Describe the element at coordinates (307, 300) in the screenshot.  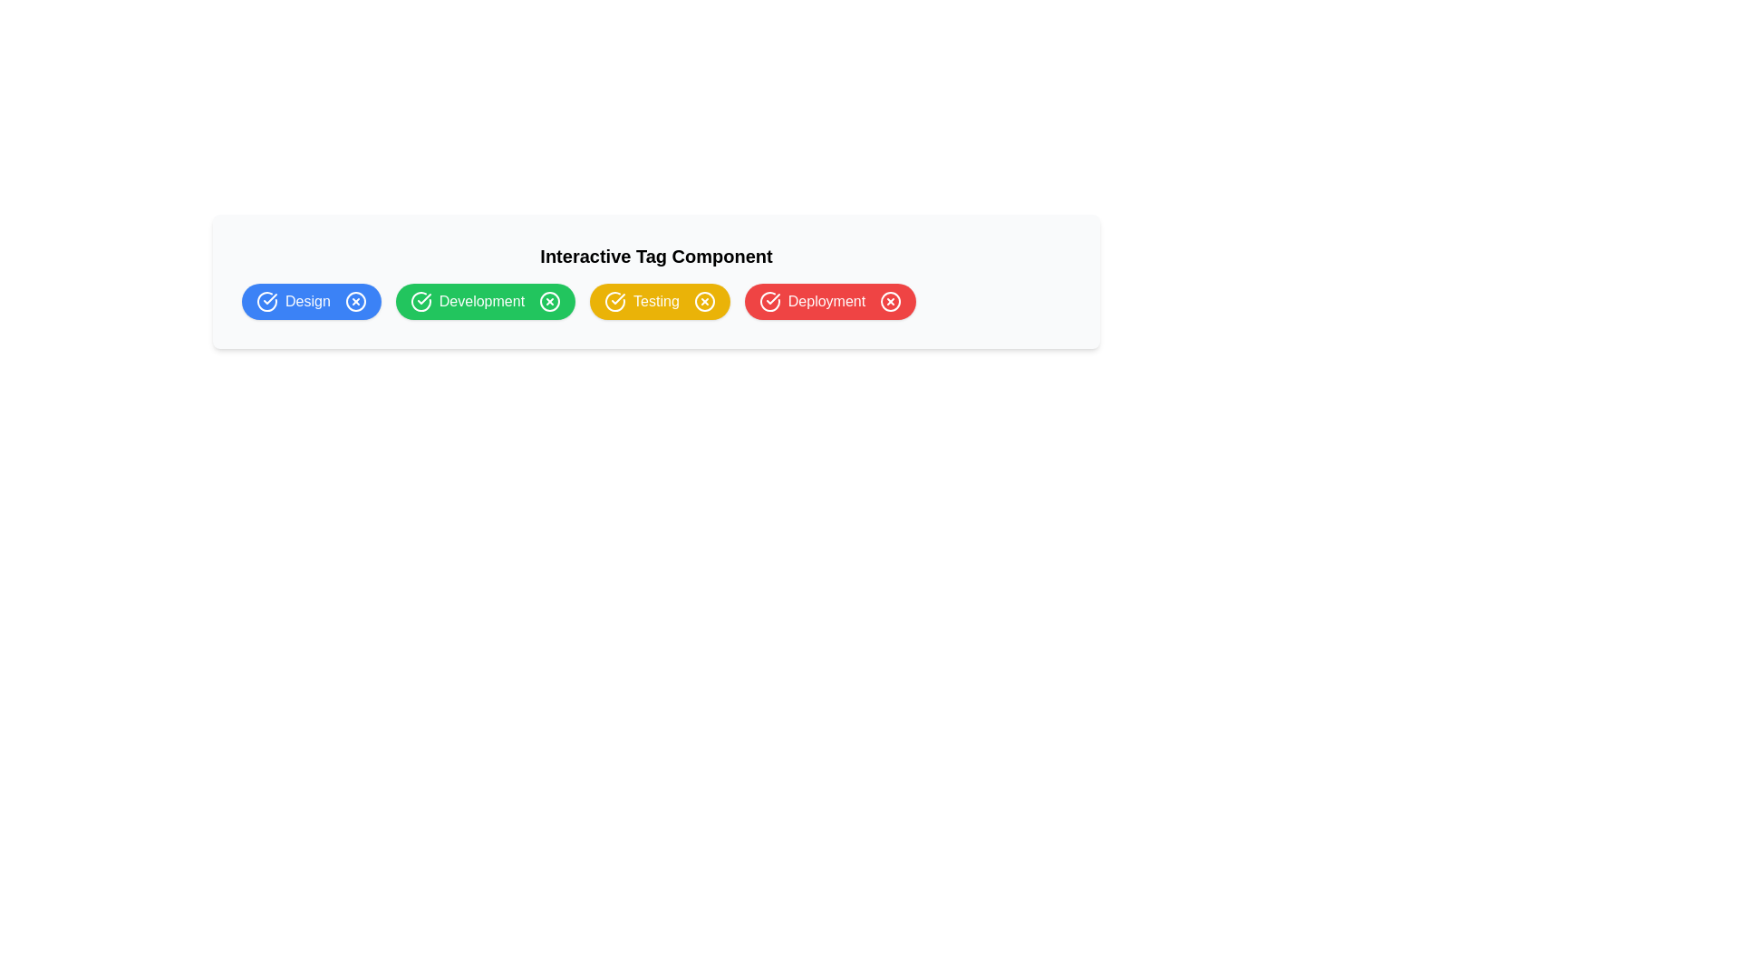
I see `label of the text component displaying the word 'Design', which is centrally located within the blue pill-shaped background` at that location.